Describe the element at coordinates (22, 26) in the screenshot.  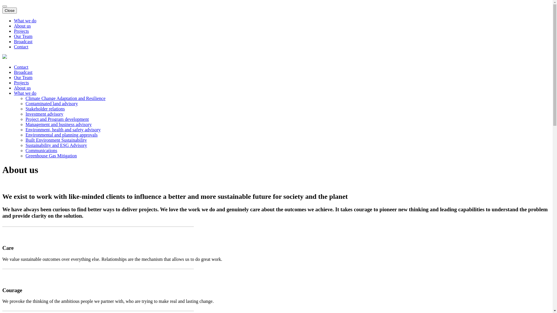
I see `'About us'` at that location.